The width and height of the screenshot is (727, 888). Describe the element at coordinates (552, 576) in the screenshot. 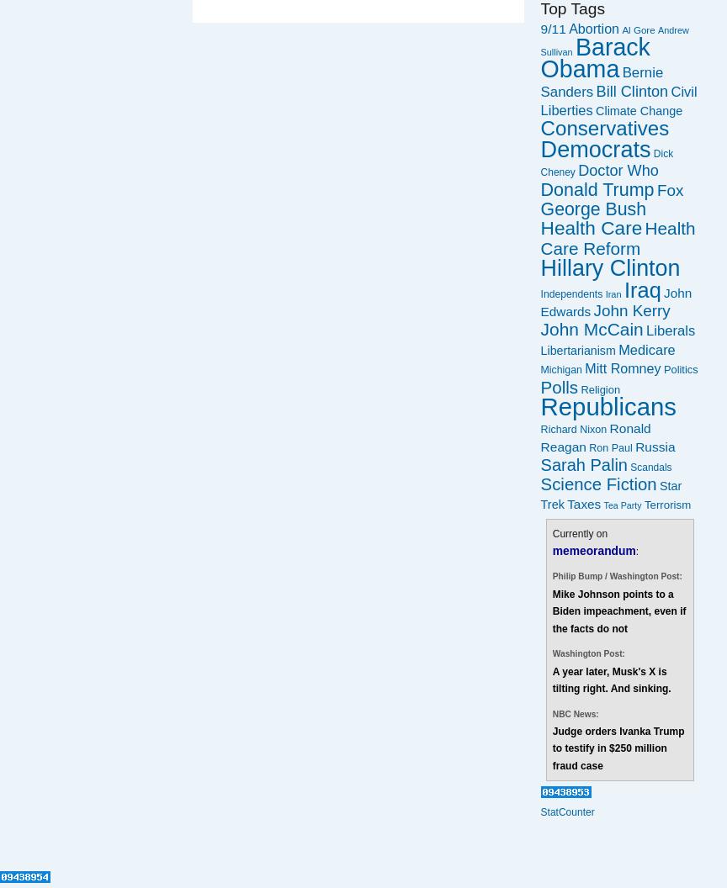

I see `'Philip Bump / Washington Post:'` at that location.